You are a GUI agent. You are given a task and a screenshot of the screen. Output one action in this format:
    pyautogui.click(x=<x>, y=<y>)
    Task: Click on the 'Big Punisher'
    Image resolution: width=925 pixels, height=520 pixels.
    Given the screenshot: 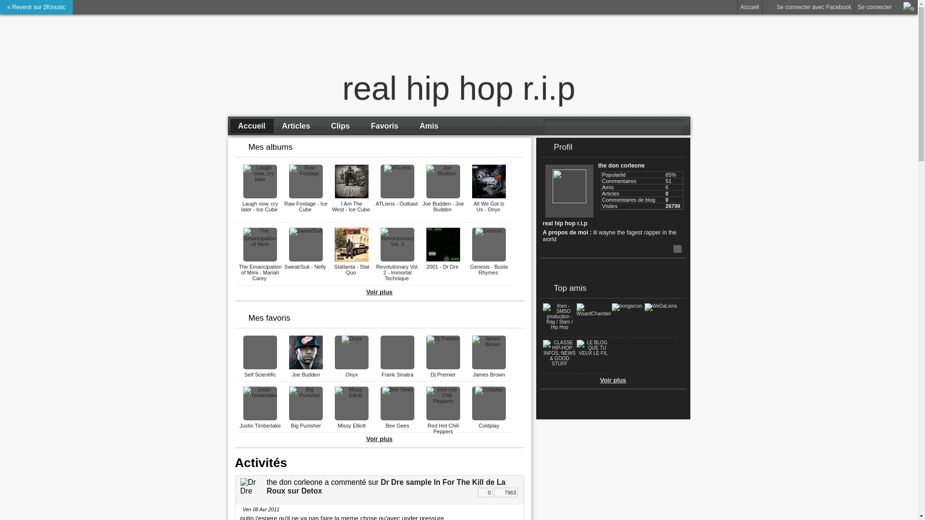 What is the action you would take?
    pyautogui.click(x=305, y=425)
    